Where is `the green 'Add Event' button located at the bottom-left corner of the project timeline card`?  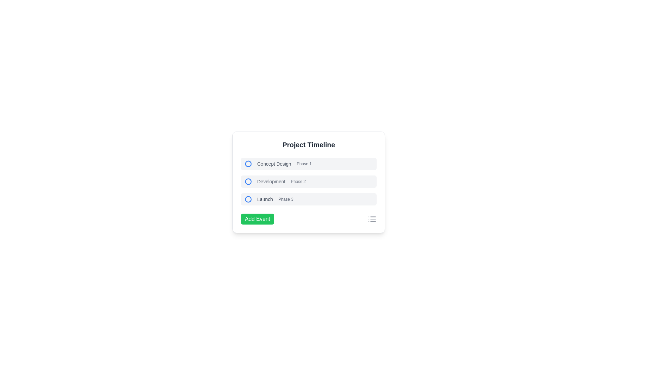 the green 'Add Event' button located at the bottom-left corner of the project timeline card is located at coordinates (257, 219).